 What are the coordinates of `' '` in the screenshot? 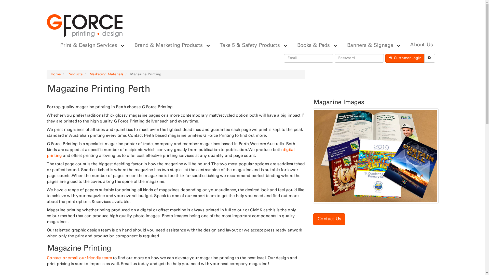 It's located at (429, 58).